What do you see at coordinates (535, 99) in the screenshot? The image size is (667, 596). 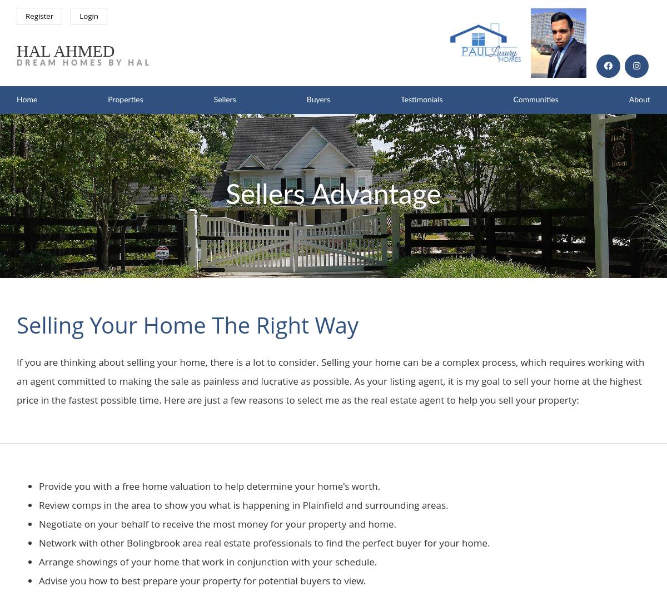 I see `'Communities'` at bounding box center [535, 99].